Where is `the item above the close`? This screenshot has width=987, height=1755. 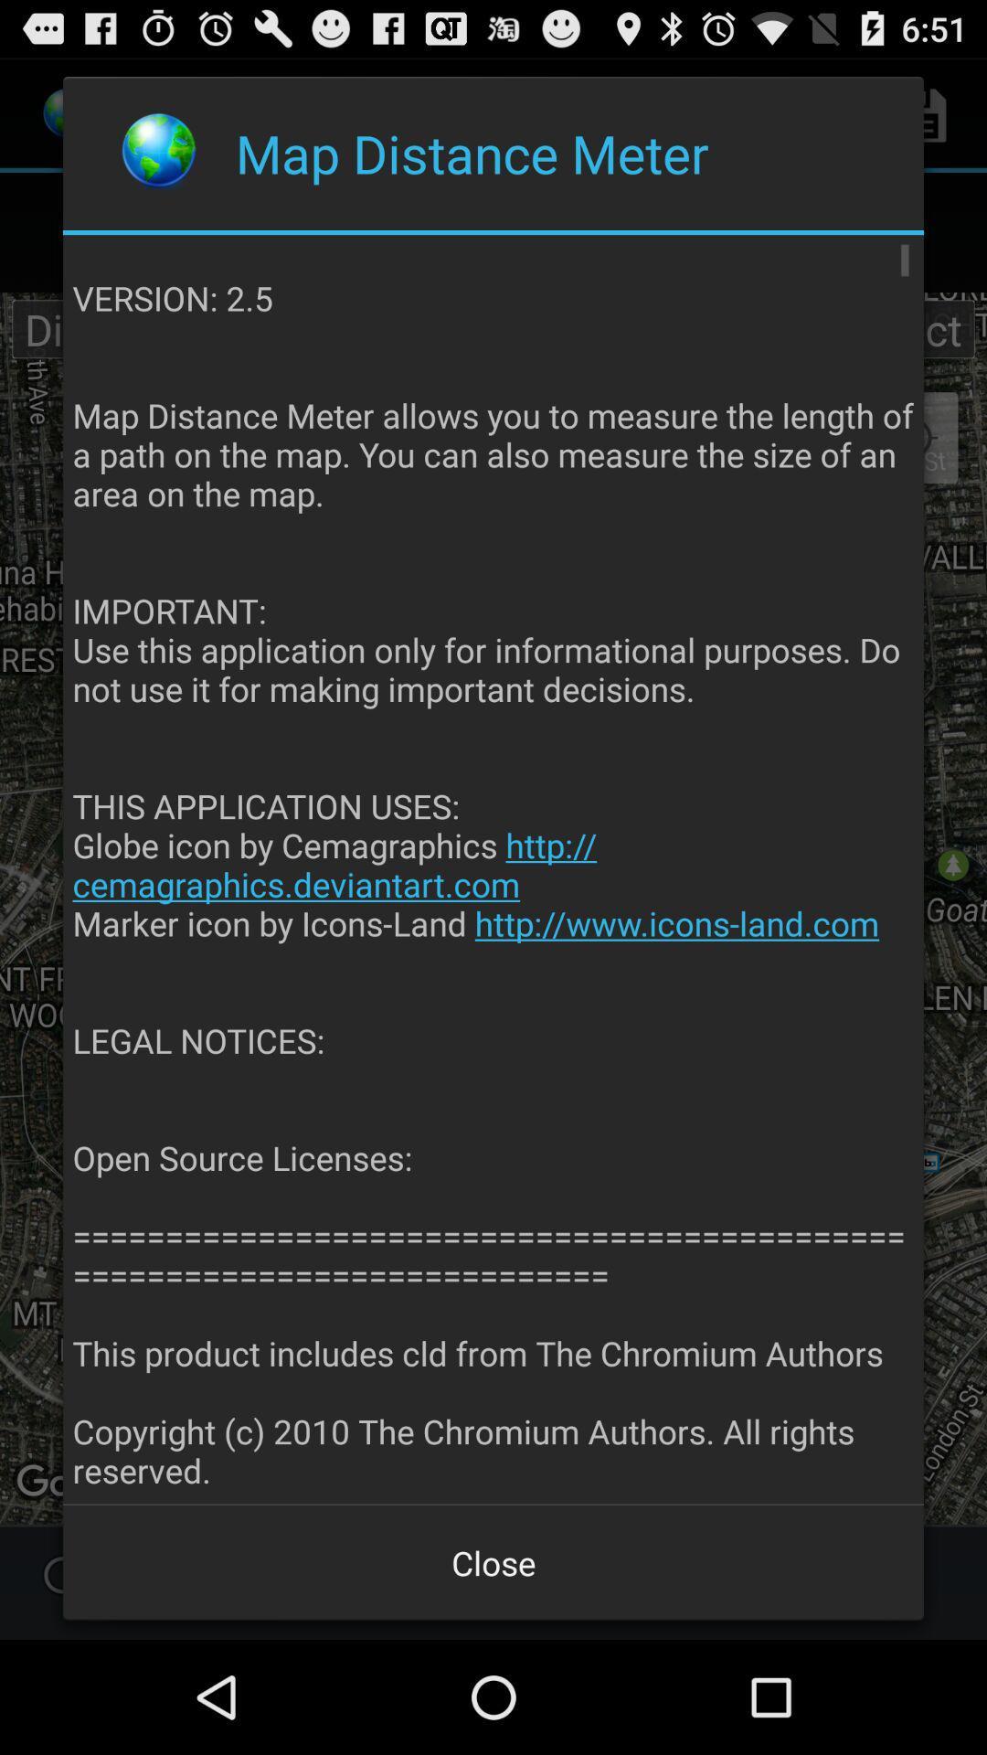 the item above the close is located at coordinates (494, 869).